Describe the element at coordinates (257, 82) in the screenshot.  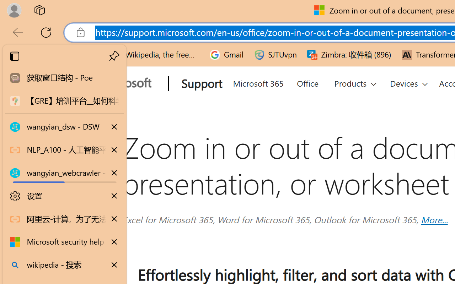
I see `'Microsoft 365'` at that location.